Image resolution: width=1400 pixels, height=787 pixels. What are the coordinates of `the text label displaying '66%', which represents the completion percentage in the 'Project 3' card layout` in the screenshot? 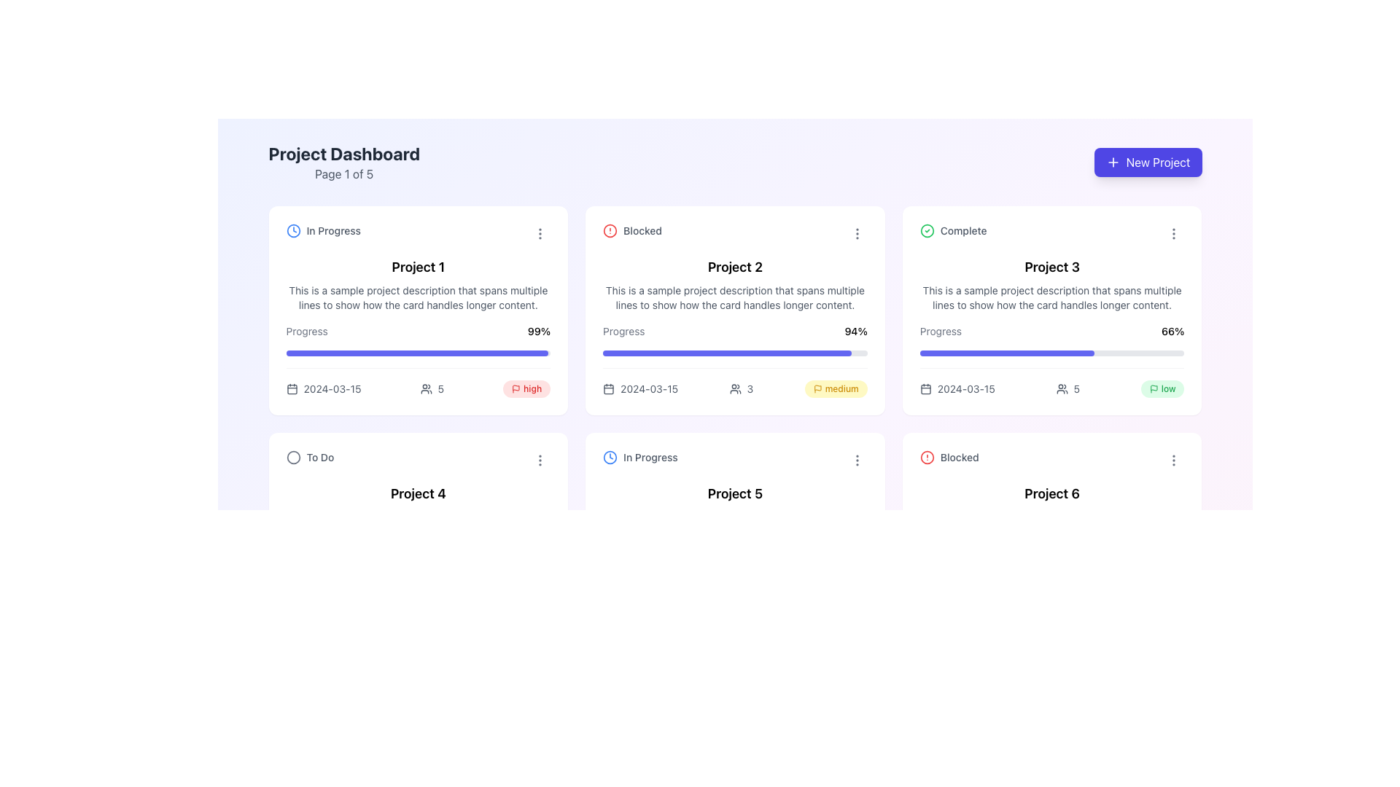 It's located at (1172, 332).